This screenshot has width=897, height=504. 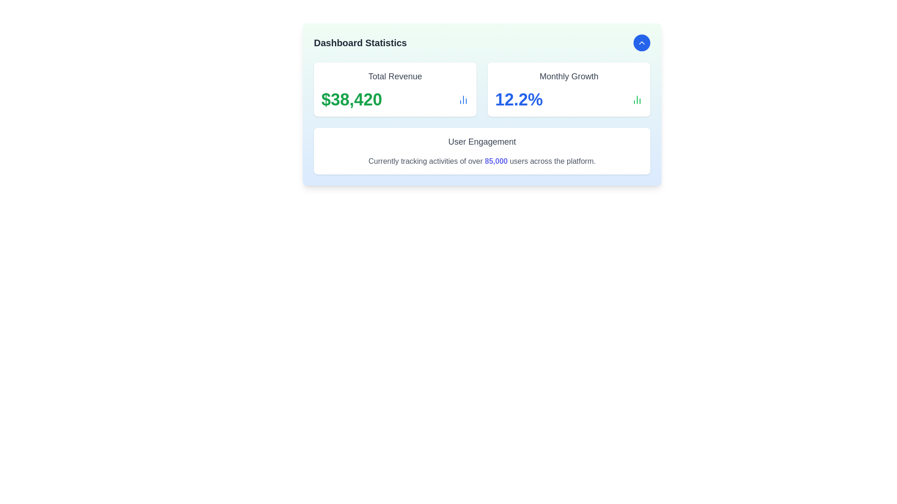 What do you see at coordinates (482, 151) in the screenshot?
I see `title and content of the Informational Card located in the bottom row of the grid layout, below the 'Total Revenue' and 'Monthly Growth' cards` at bounding box center [482, 151].